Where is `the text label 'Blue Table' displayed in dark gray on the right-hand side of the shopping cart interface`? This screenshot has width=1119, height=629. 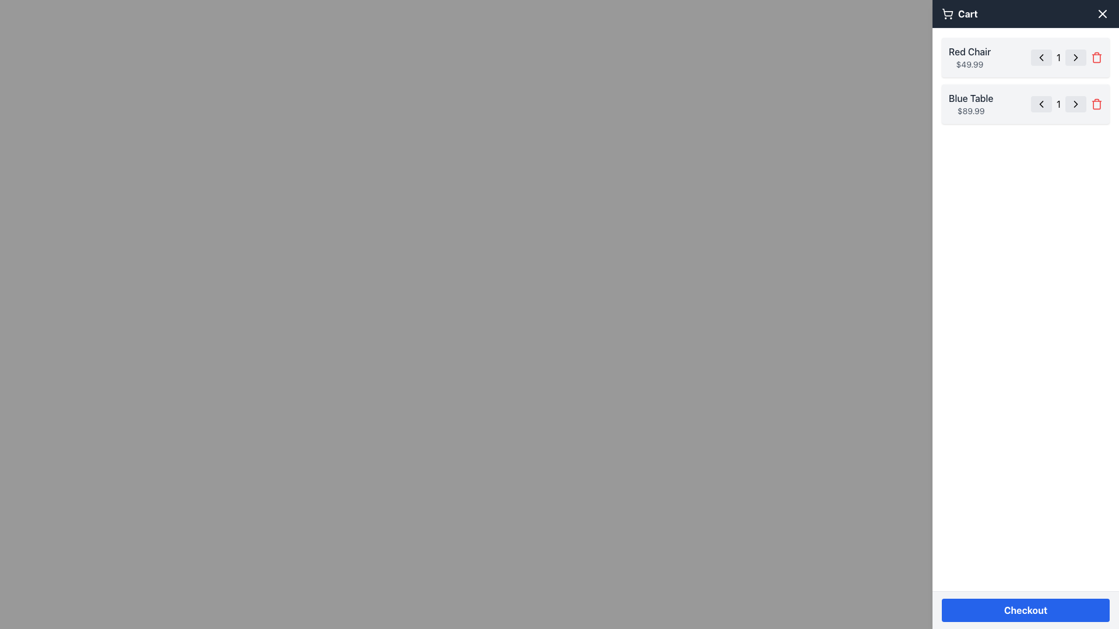 the text label 'Blue Table' displayed in dark gray on the right-hand side of the shopping cart interface is located at coordinates (971, 98).